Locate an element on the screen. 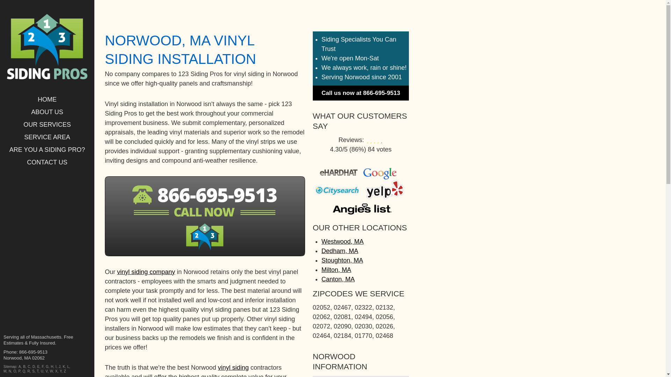 This screenshot has width=671, height=377. 'M' is located at coordinates (3, 371).